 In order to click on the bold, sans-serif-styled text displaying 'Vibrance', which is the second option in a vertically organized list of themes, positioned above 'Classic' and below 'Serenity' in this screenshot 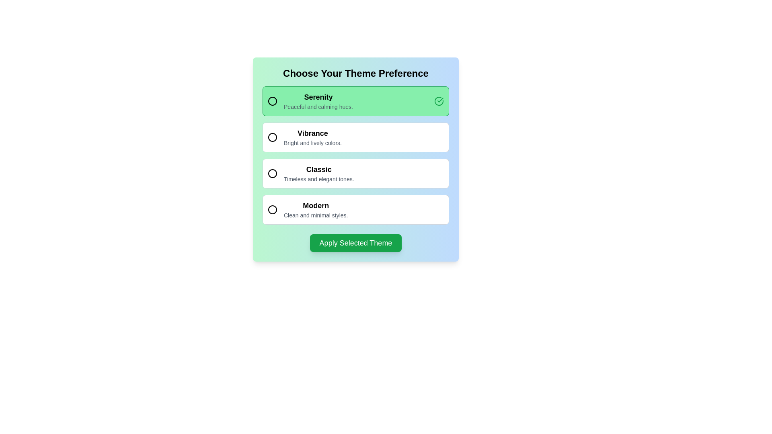, I will do `click(312, 133)`.